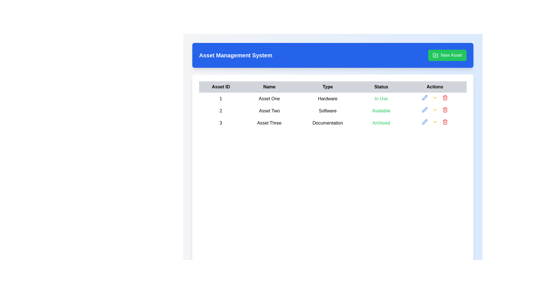 The width and height of the screenshot is (543, 305). I want to click on the blue pen-shaped edit icon located in the 'Actions' column of the second row labeled '2, Asset Two, Software, Available' to initiate the edit action, so click(425, 97).